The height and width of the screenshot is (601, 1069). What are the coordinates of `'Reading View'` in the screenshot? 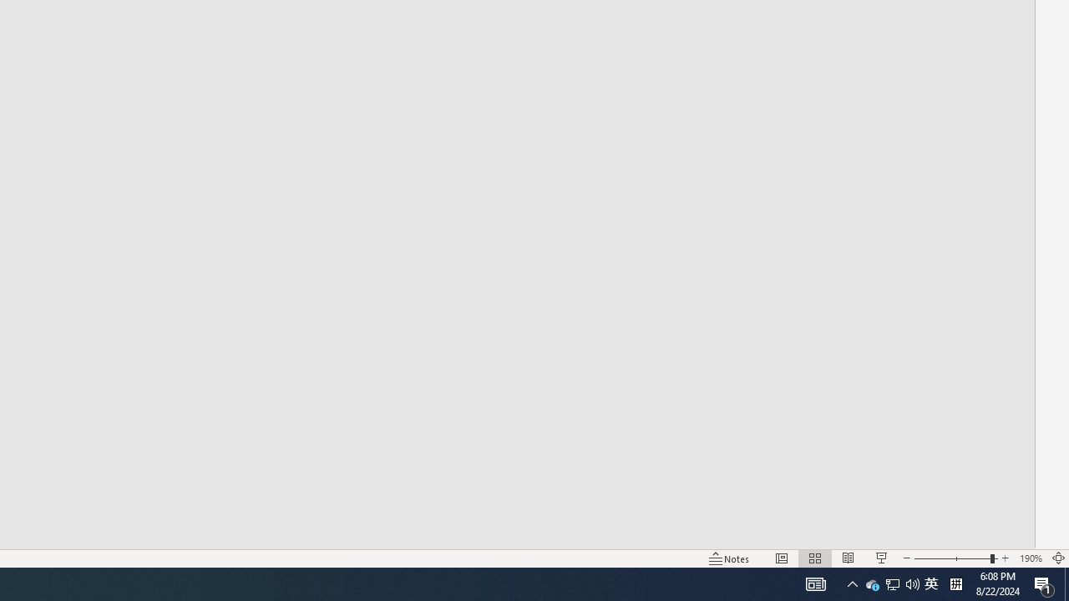 It's located at (848, 558).